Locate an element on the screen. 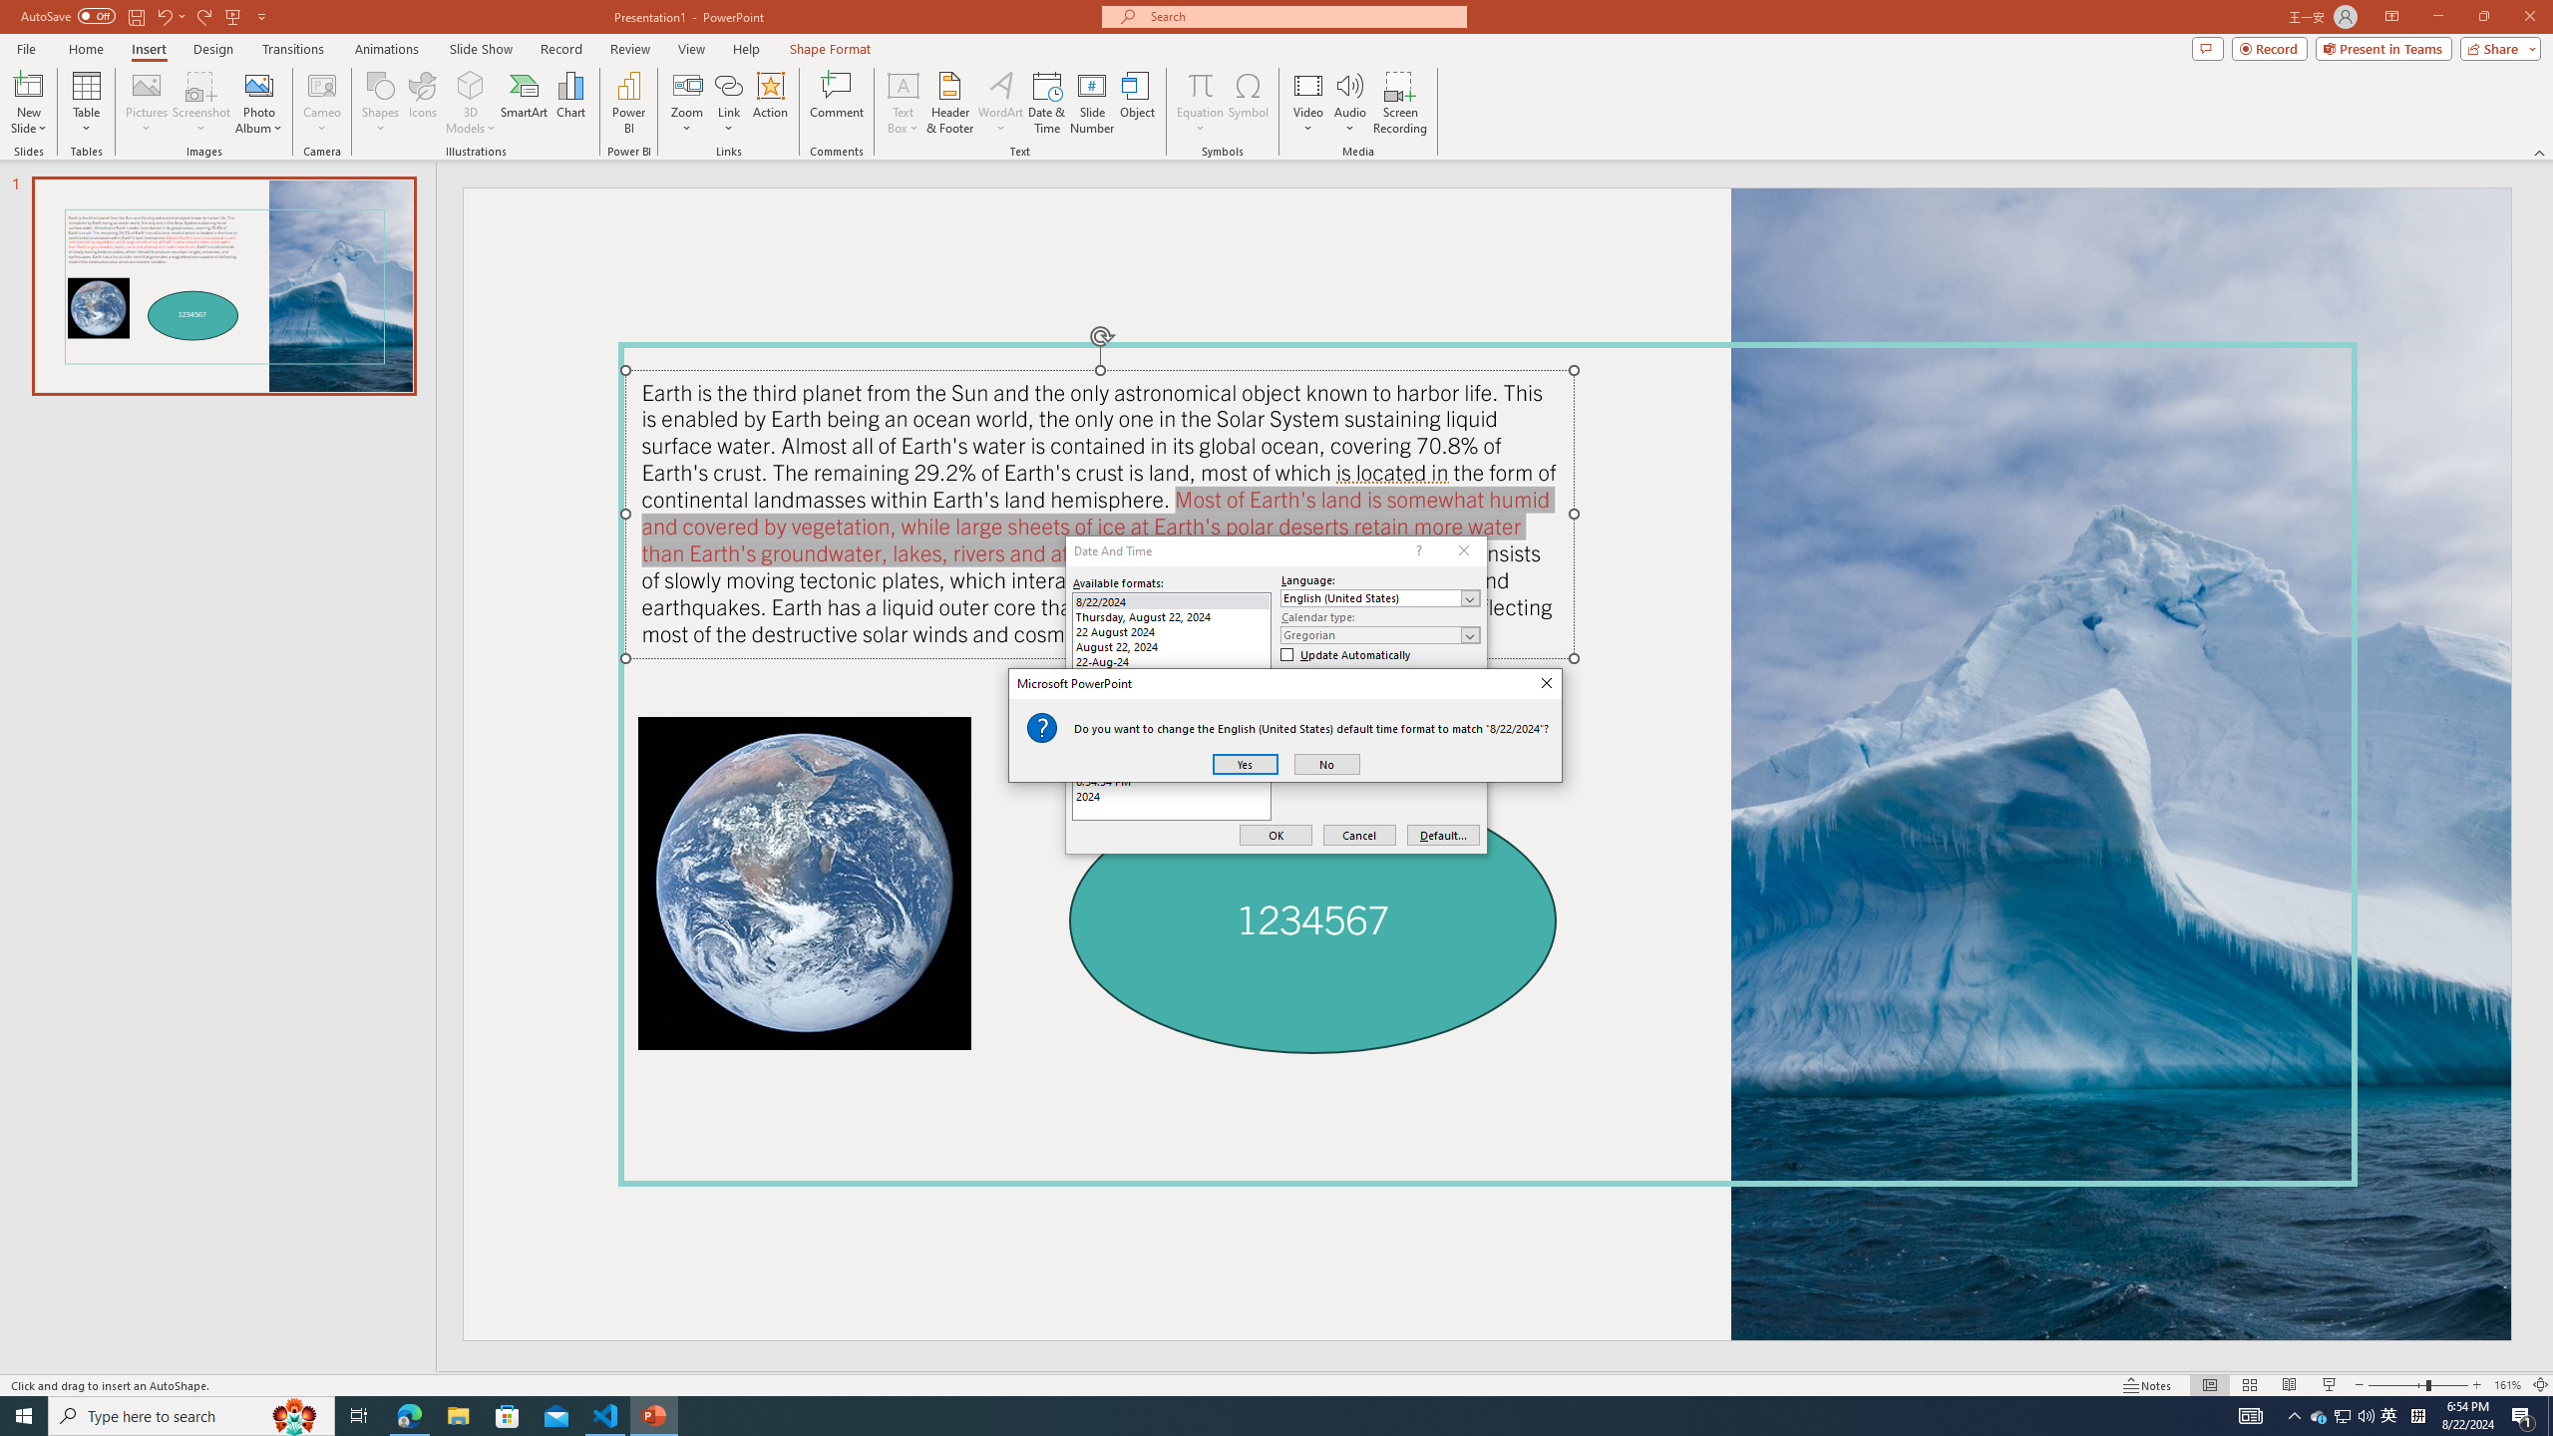  'Customize Quick Access Toolbar' is located at coordinates (260, 15).